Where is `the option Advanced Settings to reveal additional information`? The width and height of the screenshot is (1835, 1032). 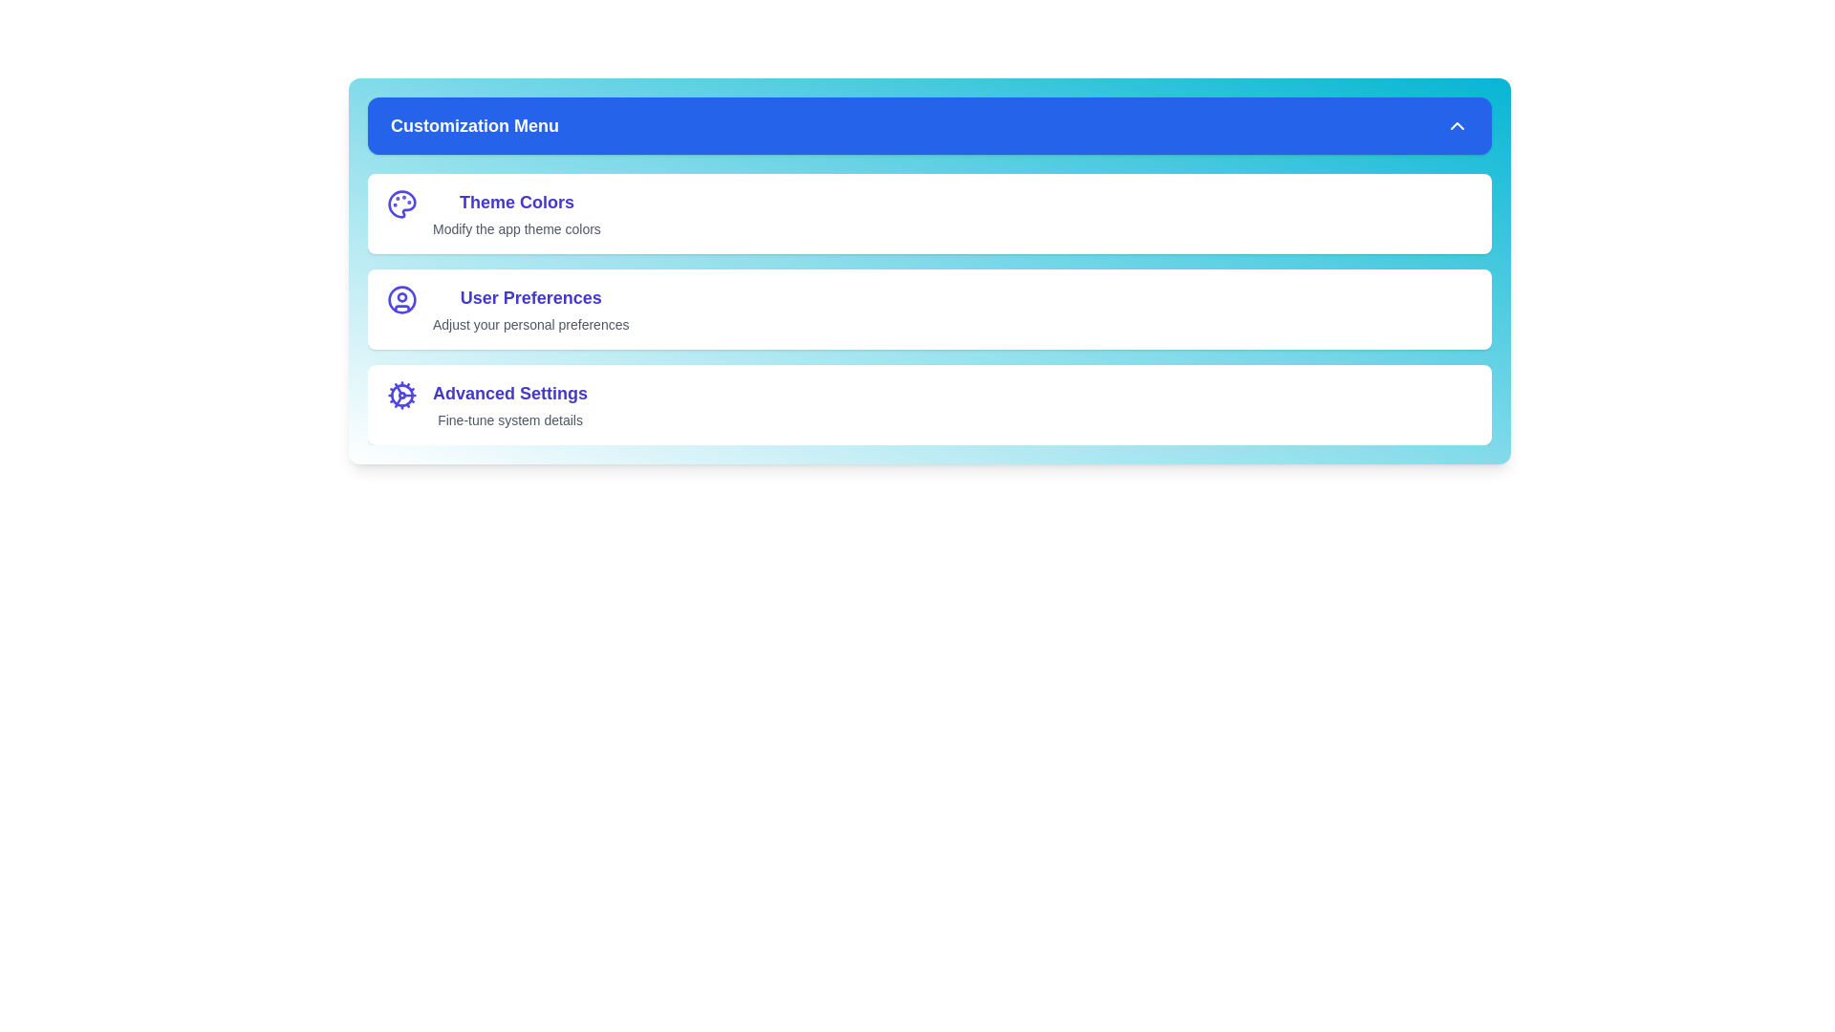
the option Advanced Settings to reveal additional information is located at coordinates (401, 404).